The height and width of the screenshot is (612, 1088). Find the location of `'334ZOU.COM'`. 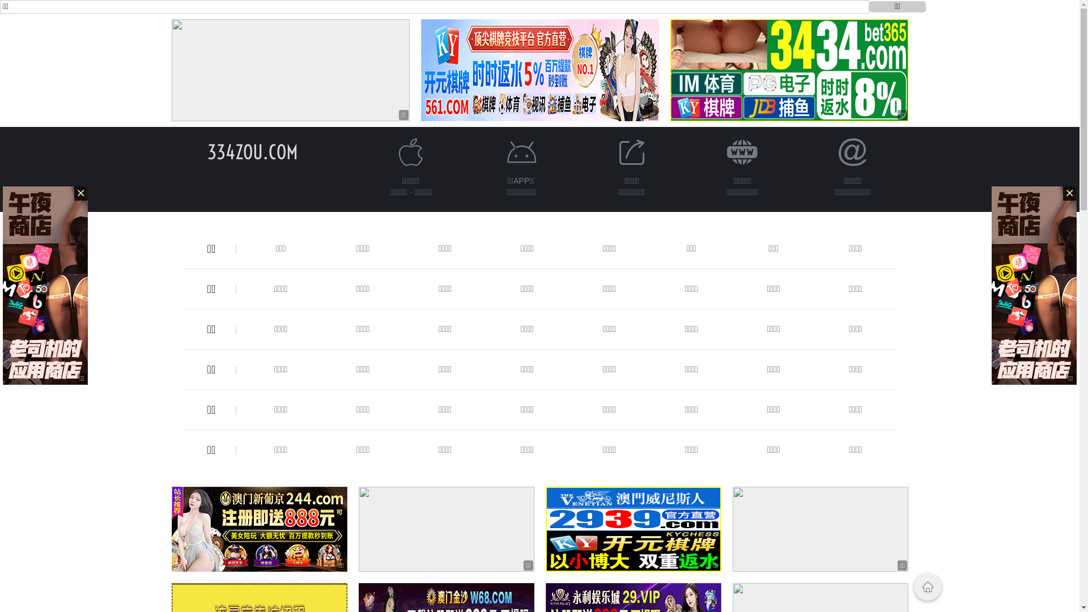

'334ZOU.COM' is located at coordinates (252, 151).